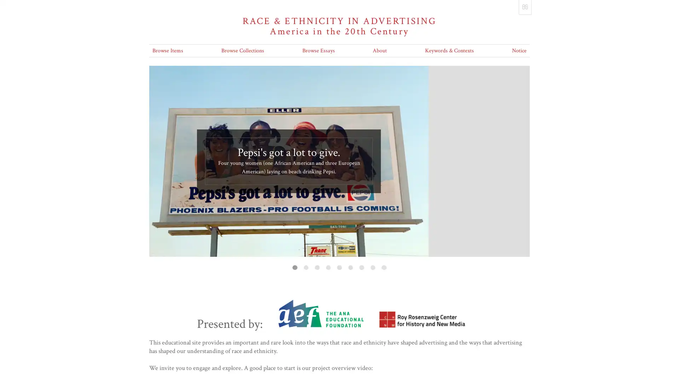  What do you see at coordinates (350, 267) in the screenshot?
I see `6` at bounding box center [350, 267].